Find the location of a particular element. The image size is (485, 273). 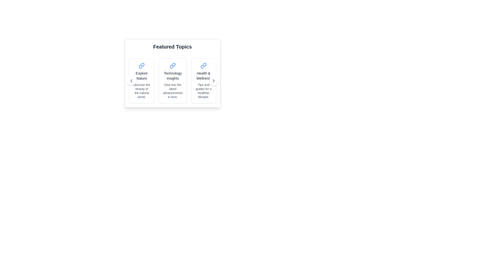

the icon in the upper left corner of the 'Explore Nature' card, which serves as a visual indicator for an external link is located at coordinates (174, 64).